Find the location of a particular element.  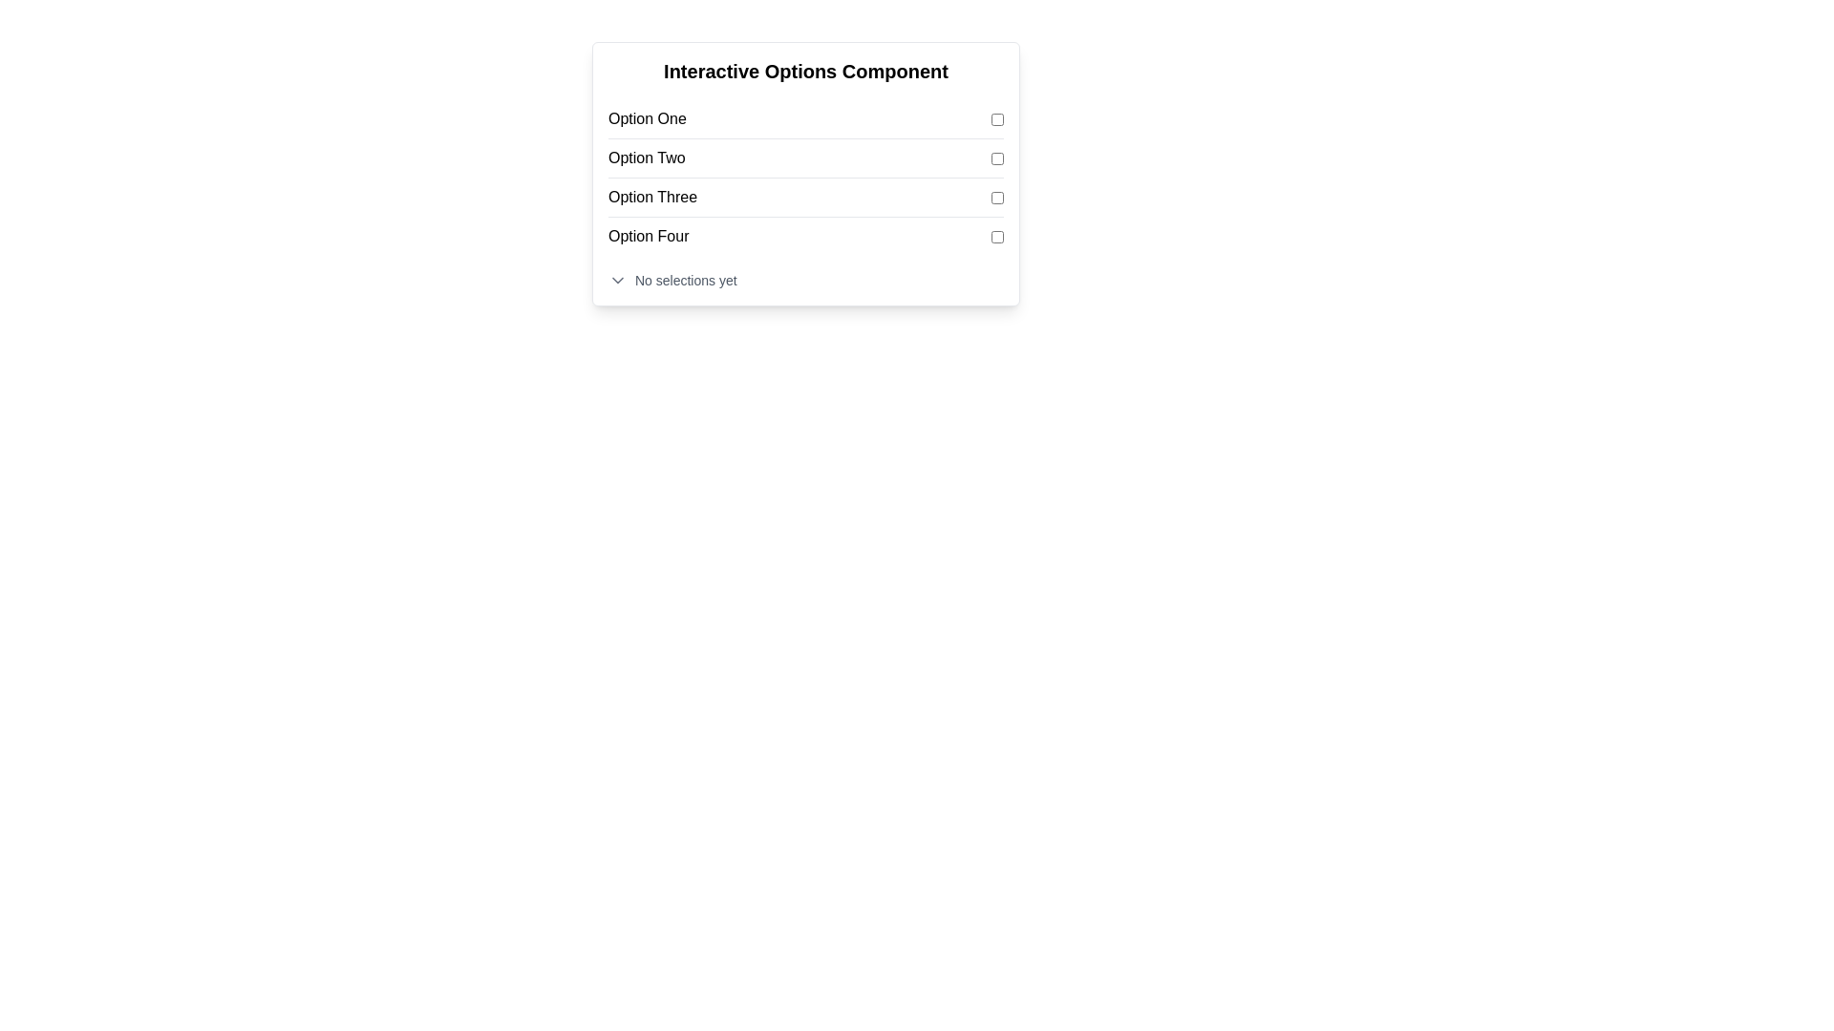

the label text display for the first option in the list, which is located at the top-left of the 'Interactive Options Component' and adjacent to its corresponding checkbox is located at coordinates (647, 118).